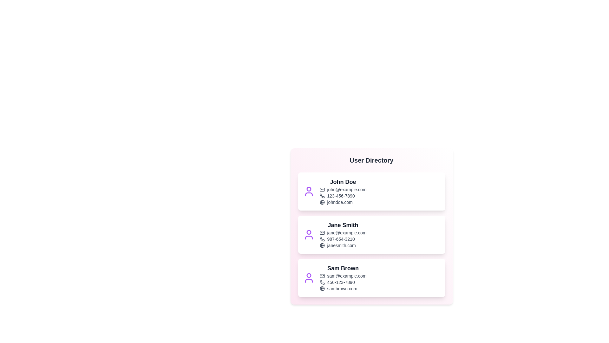  Describe the element at coordinates (343, 275) in the screenshot. I see `the email address of Sam Brown` at that location.